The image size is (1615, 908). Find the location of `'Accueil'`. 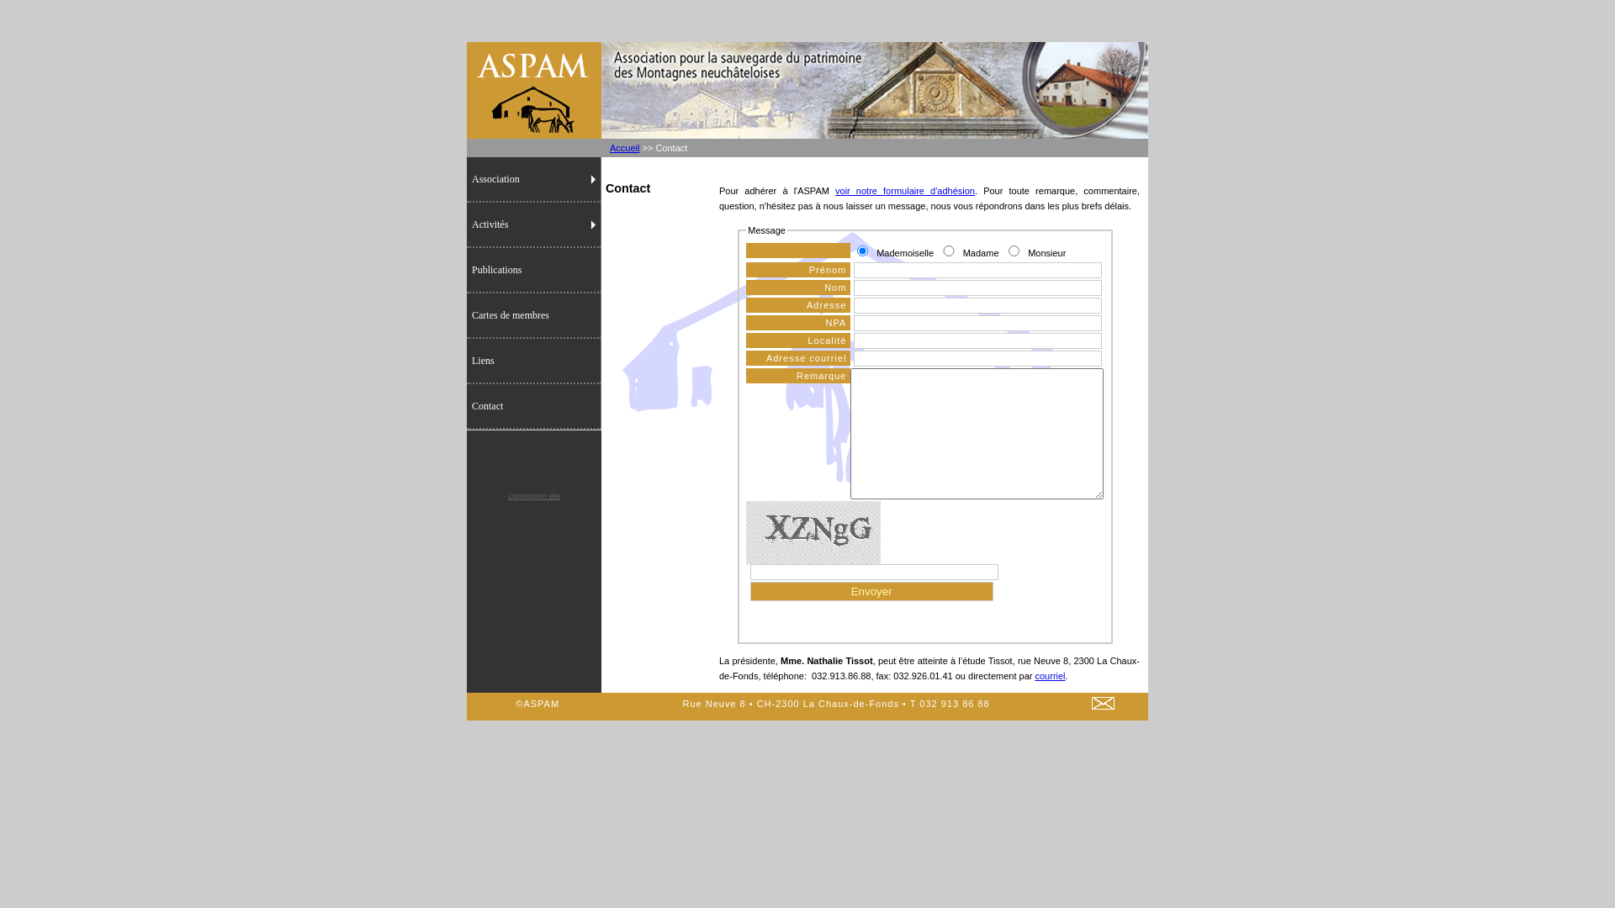

'Accueil' is located at coordinates (623, 147).